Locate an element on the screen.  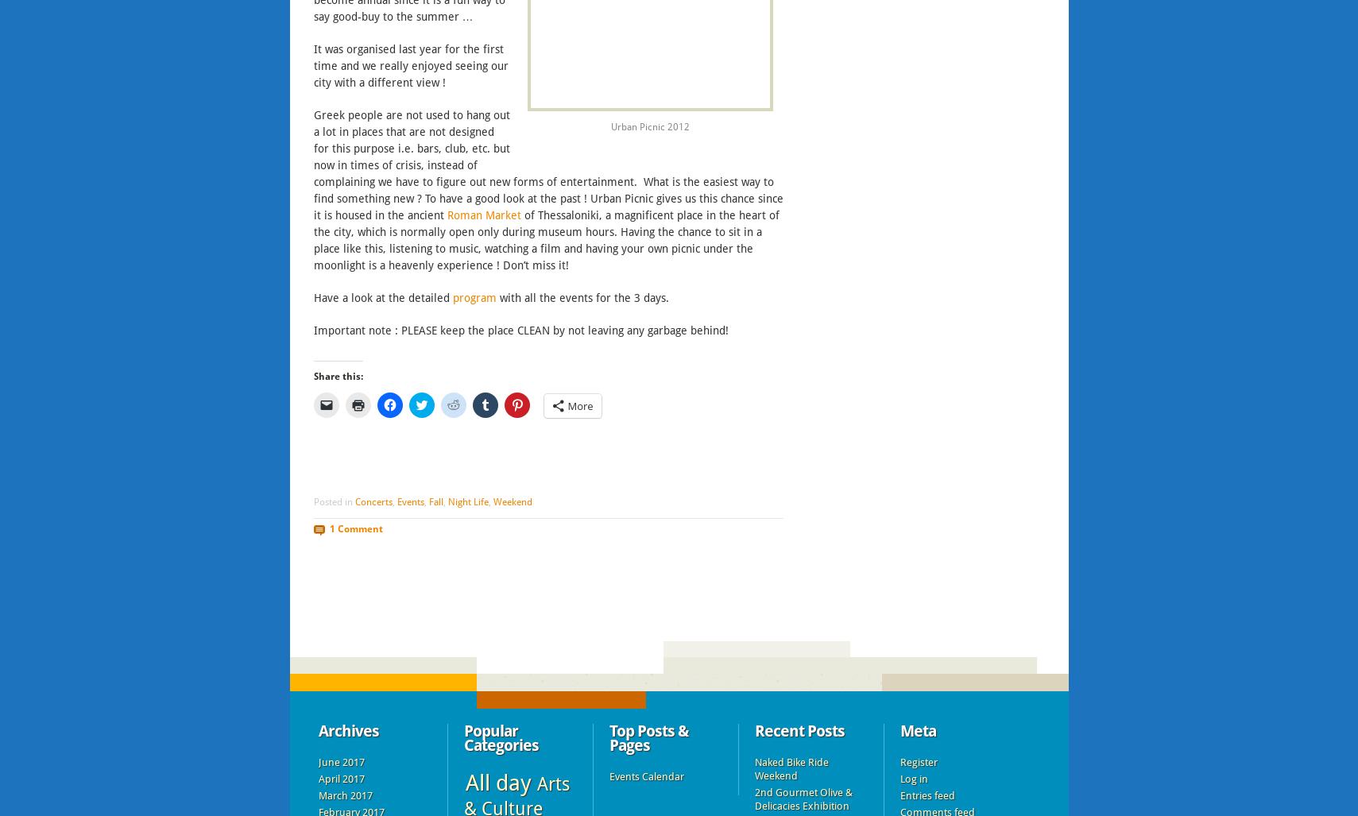
'Urban Picnic 2012' is located at coordinates (610, 127).